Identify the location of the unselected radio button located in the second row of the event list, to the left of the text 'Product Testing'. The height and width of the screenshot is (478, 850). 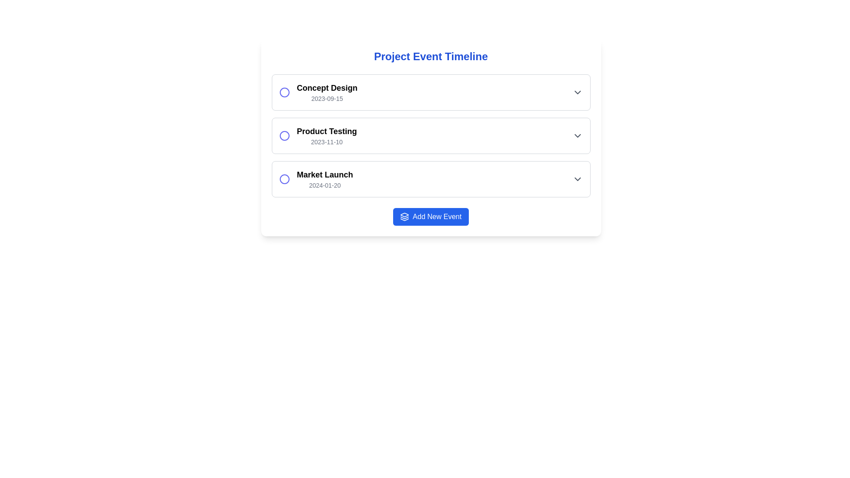
(284, 136).